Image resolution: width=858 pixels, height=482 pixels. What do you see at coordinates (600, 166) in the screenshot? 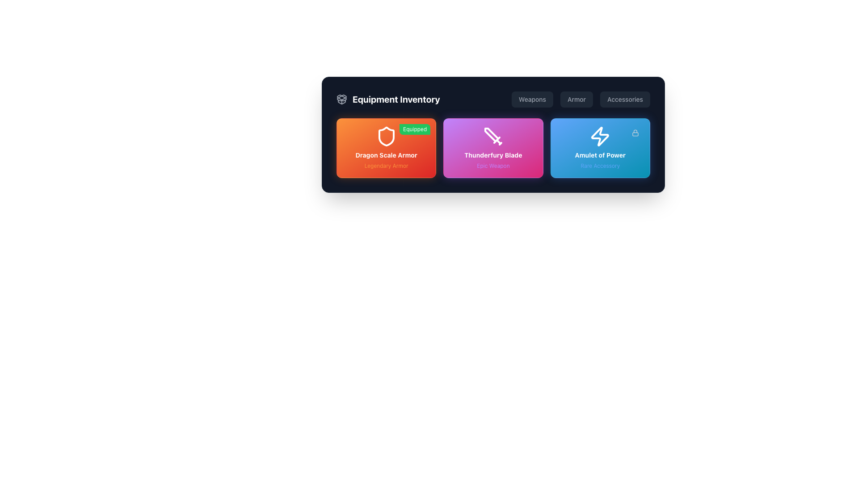
I see `the Text label that provides a categorical description for the Amulet of Power item, located below the title 'Amulet of Power' in the inventory grid` at bounding box center [600, 166].